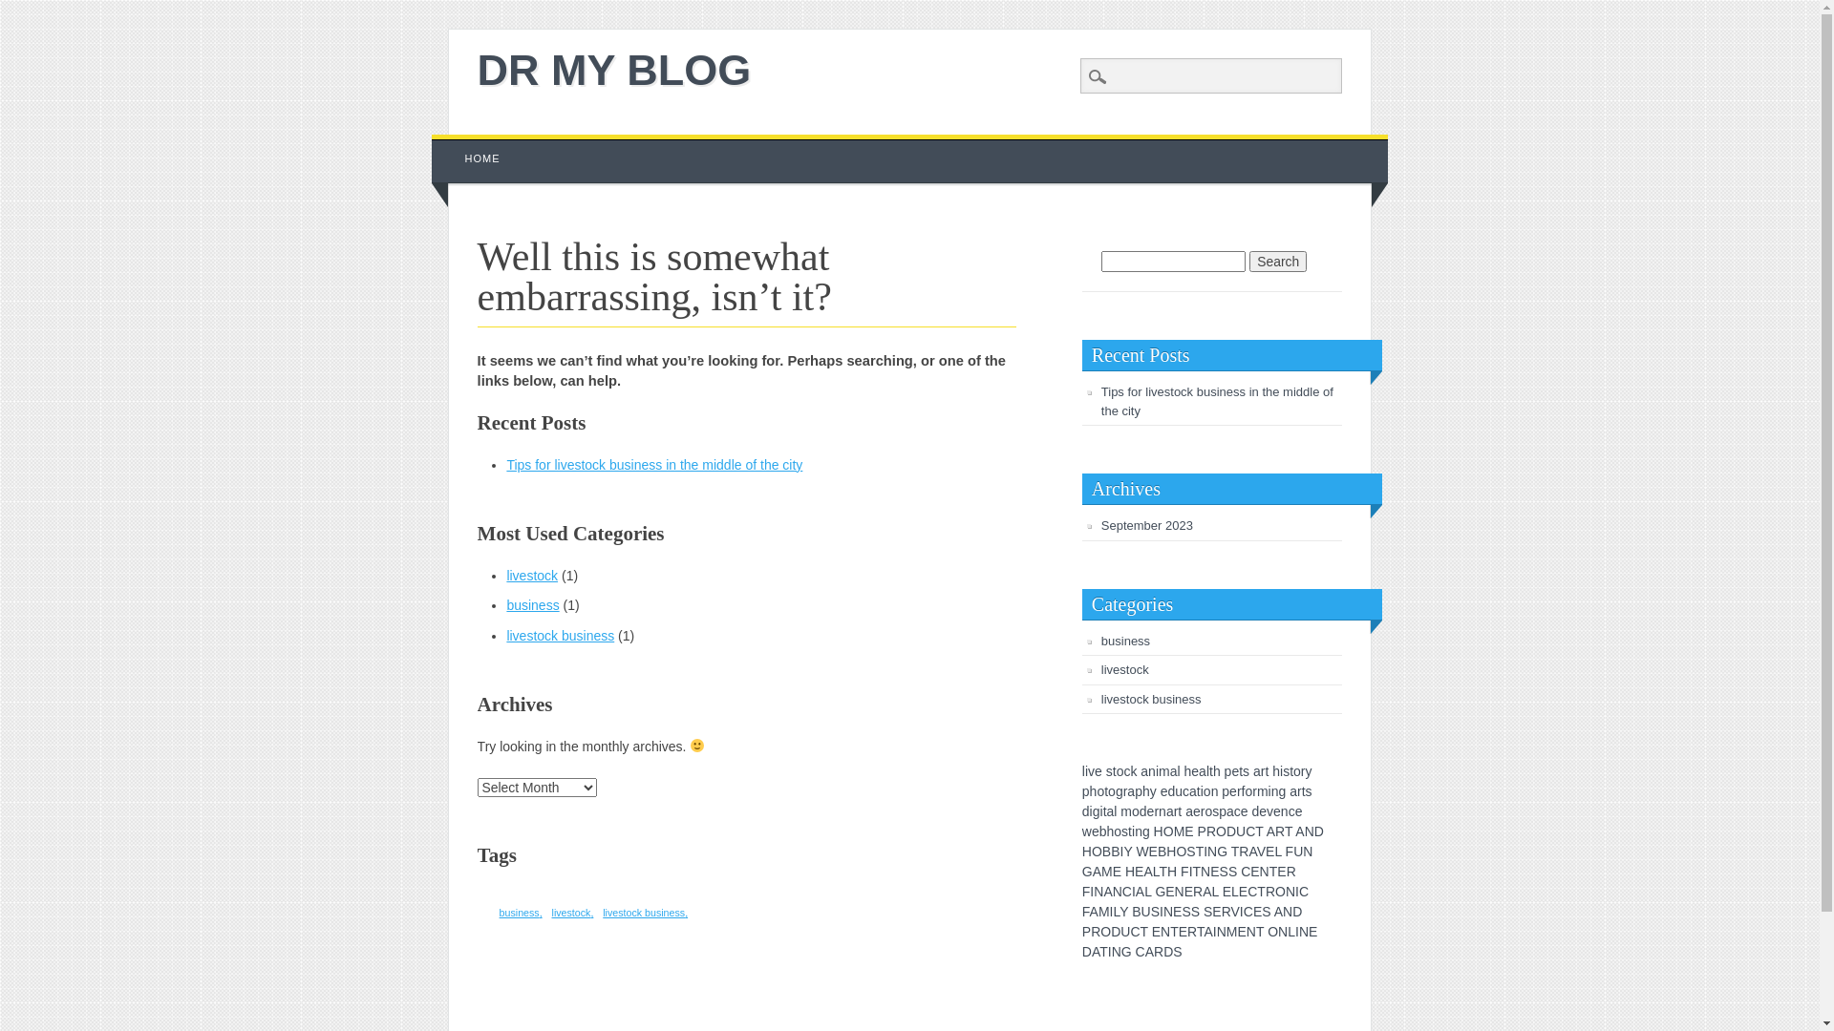 This screenshot has height=1031, width=1834. What do you see at coordinates (1117, 872) in the screenshot?
I see `'E'` at bounding box center [1117, 872].